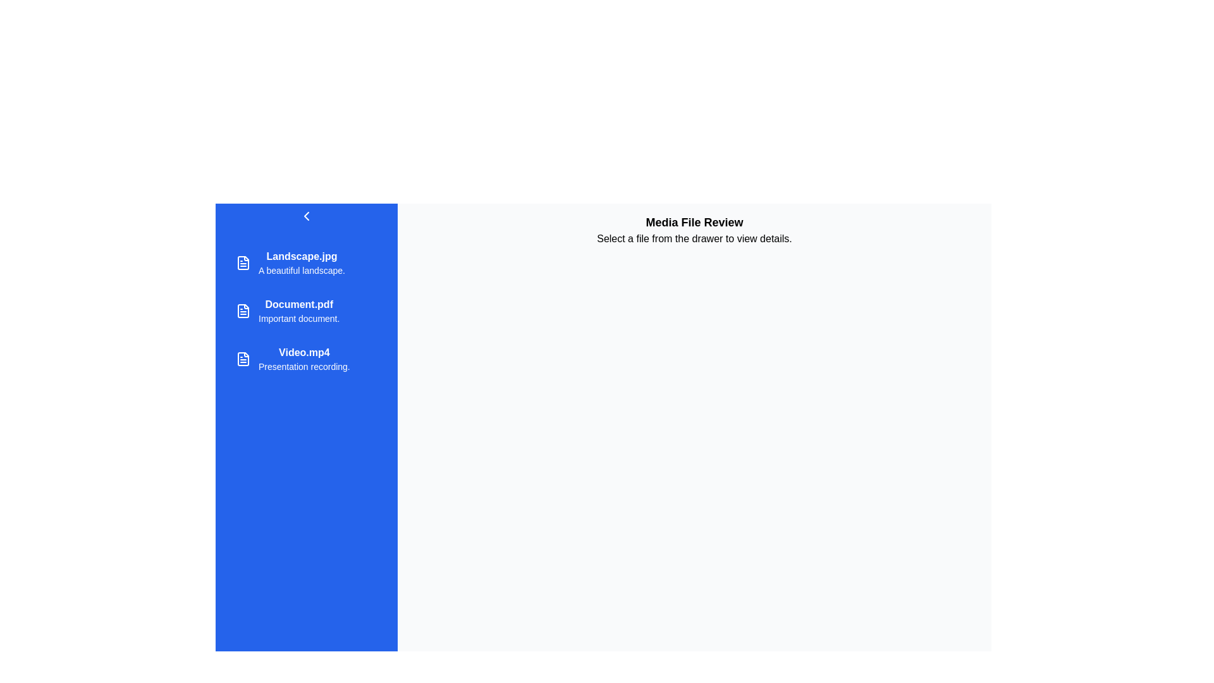  Describe the element at coordinates (306, 359) in the screenshot. I see `the list item labeled 'Video.mp4' with a subtitle 'Presentation recording' in the left panel` at that location.